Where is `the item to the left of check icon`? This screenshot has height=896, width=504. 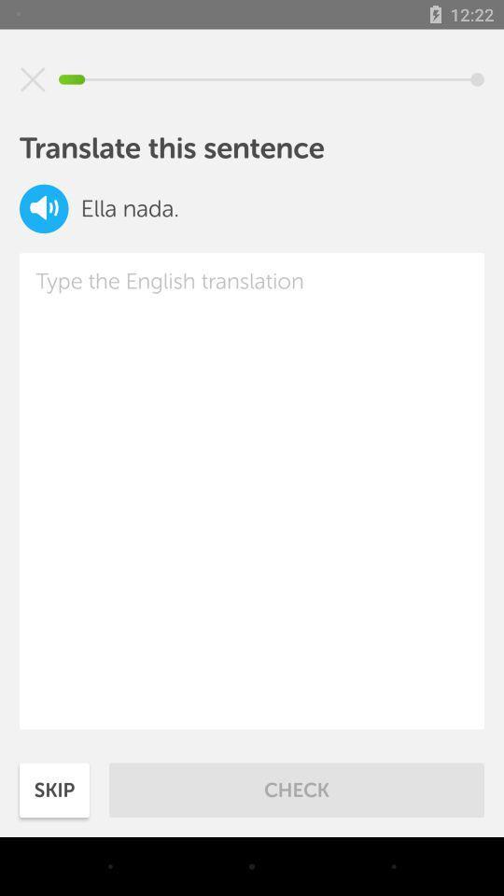 the item to the left of check icon is located at coordinates (54, 789).